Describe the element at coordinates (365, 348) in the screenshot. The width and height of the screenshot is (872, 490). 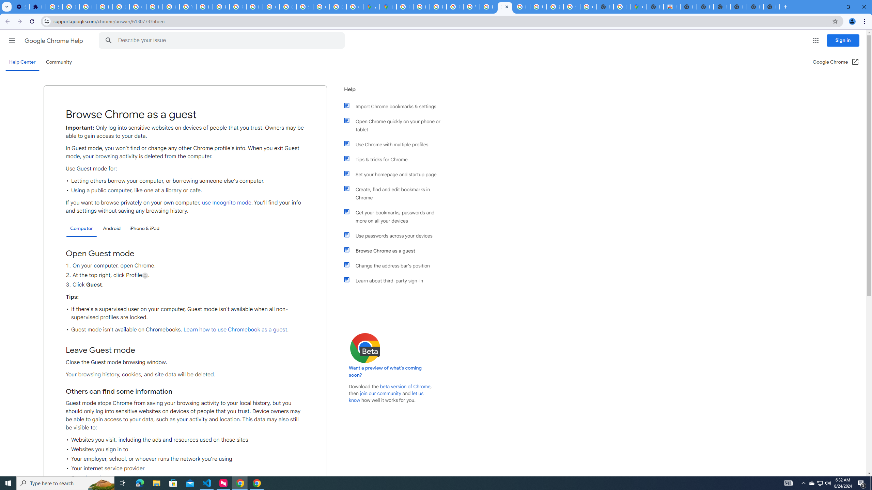
I see `'Chrome Beta logo'` at that location.